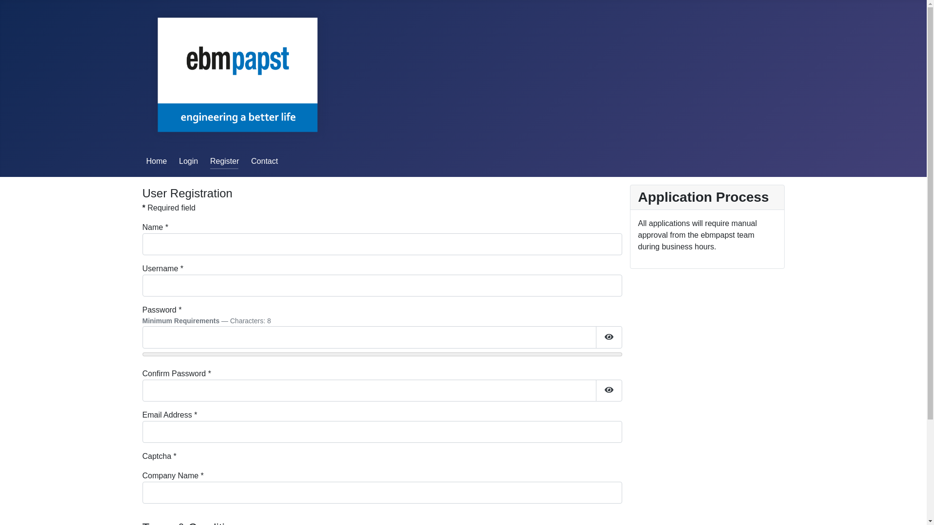  I want to click on 'Home', so click(156, 160).